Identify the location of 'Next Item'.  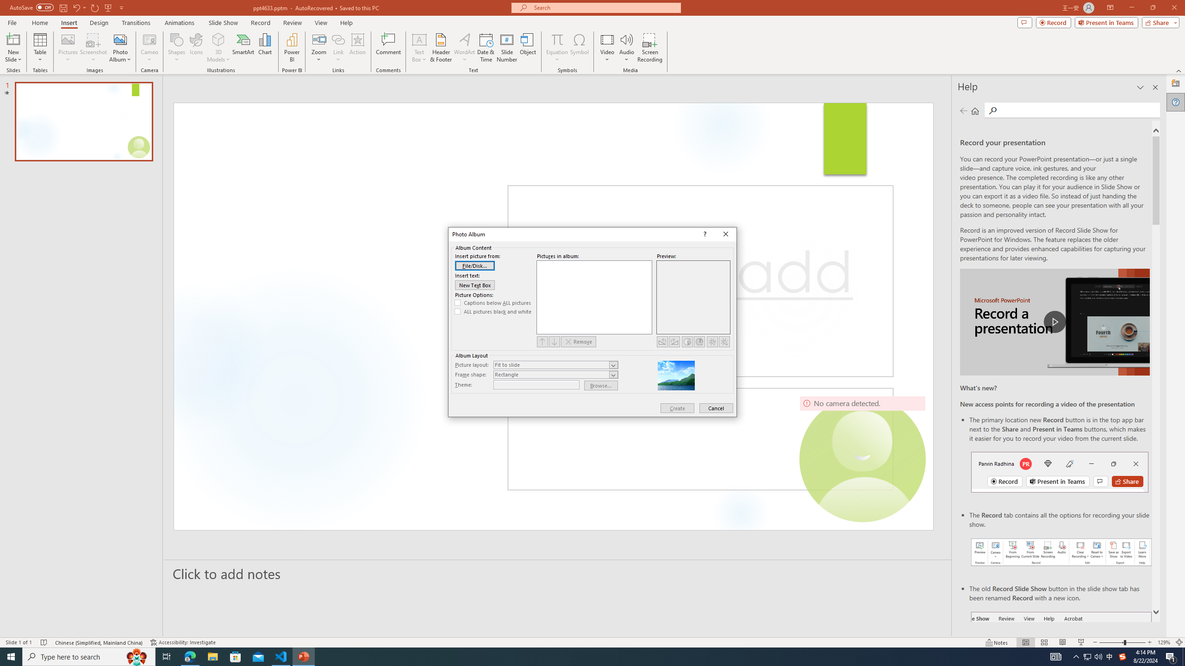
(555, 341).